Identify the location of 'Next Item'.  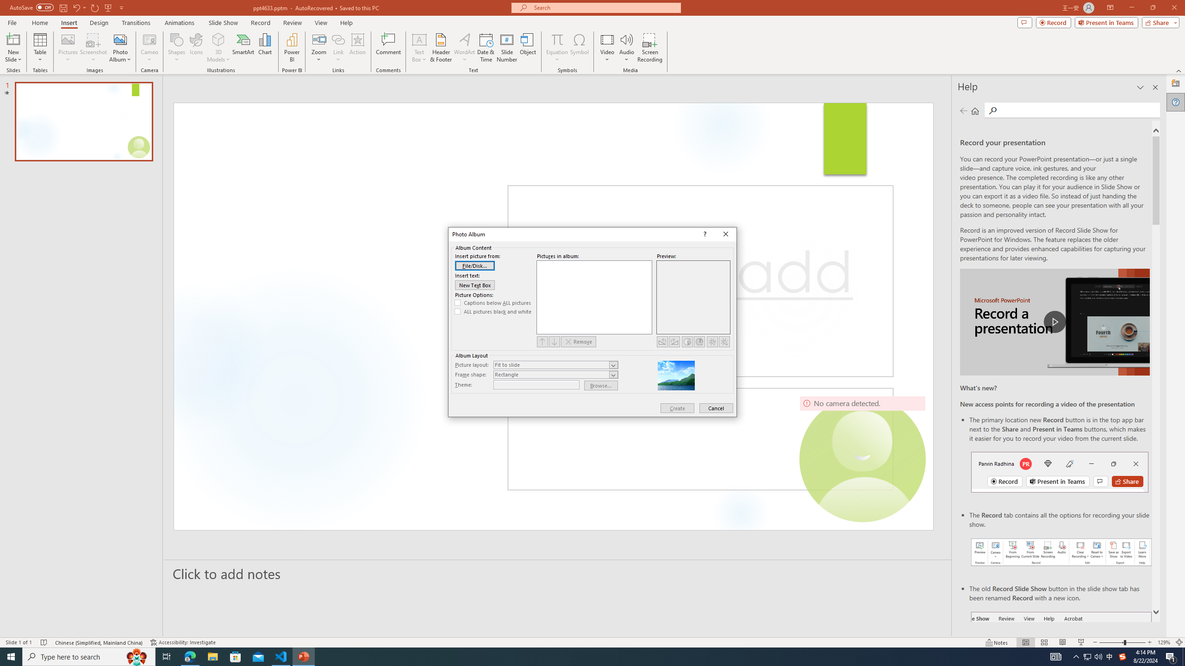
(555, 341).